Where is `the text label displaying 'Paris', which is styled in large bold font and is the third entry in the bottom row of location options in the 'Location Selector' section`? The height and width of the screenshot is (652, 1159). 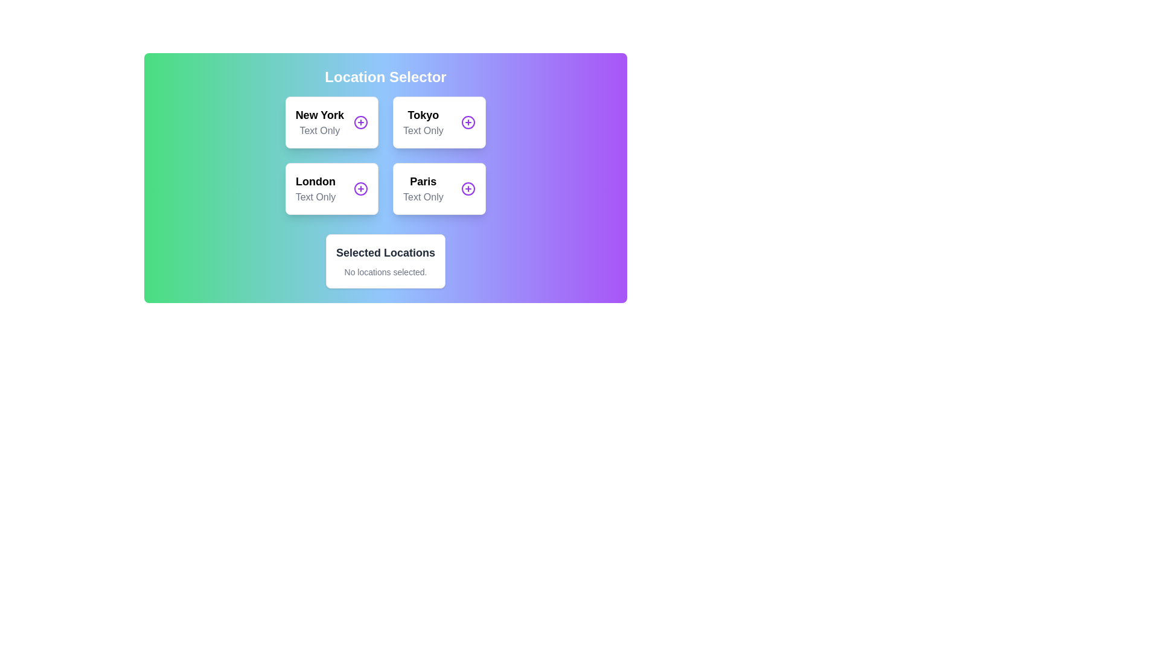 the text label displaying 'Paris', which is styled in large bold font and is the third entry in the bottom row of location options in the 'Location Selector' section is located at coordinates (423, 181).